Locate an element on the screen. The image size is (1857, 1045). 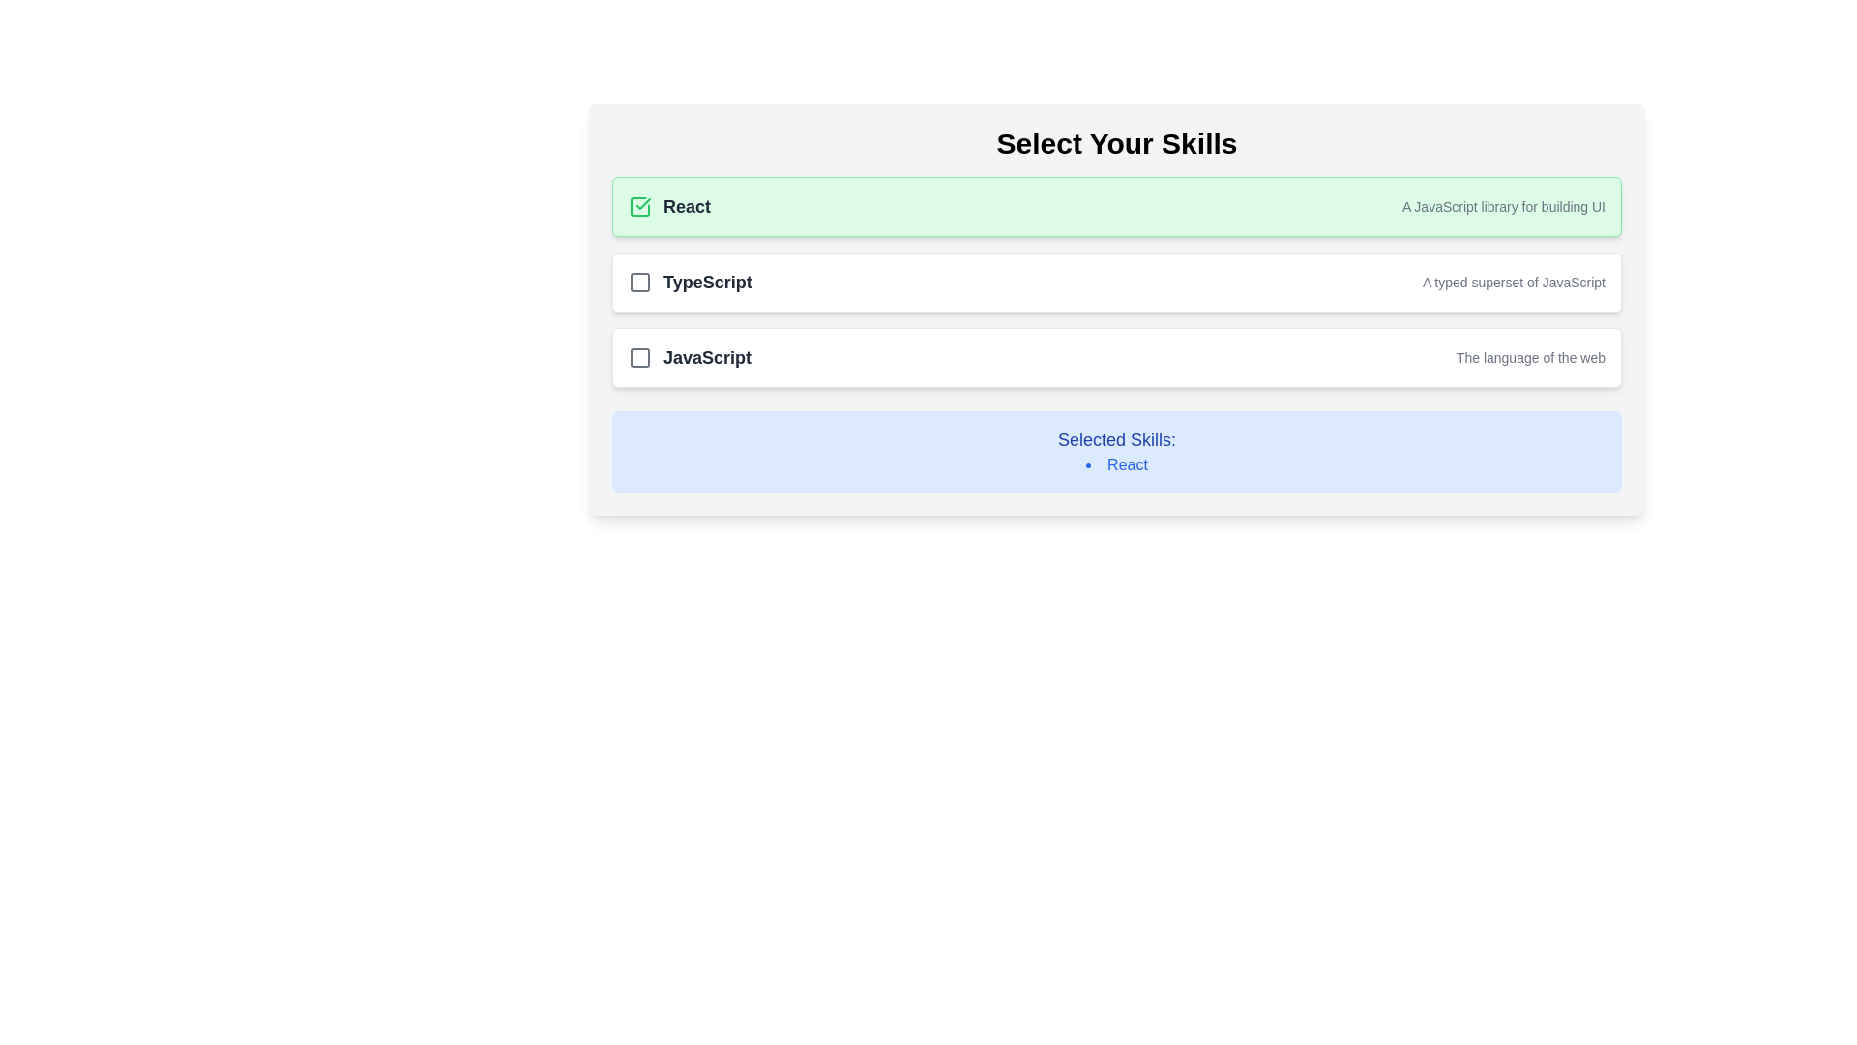
the checkbox icon with a check mark that indicates the selected state for the 'React' skill option is located at coordinates (640, 206).